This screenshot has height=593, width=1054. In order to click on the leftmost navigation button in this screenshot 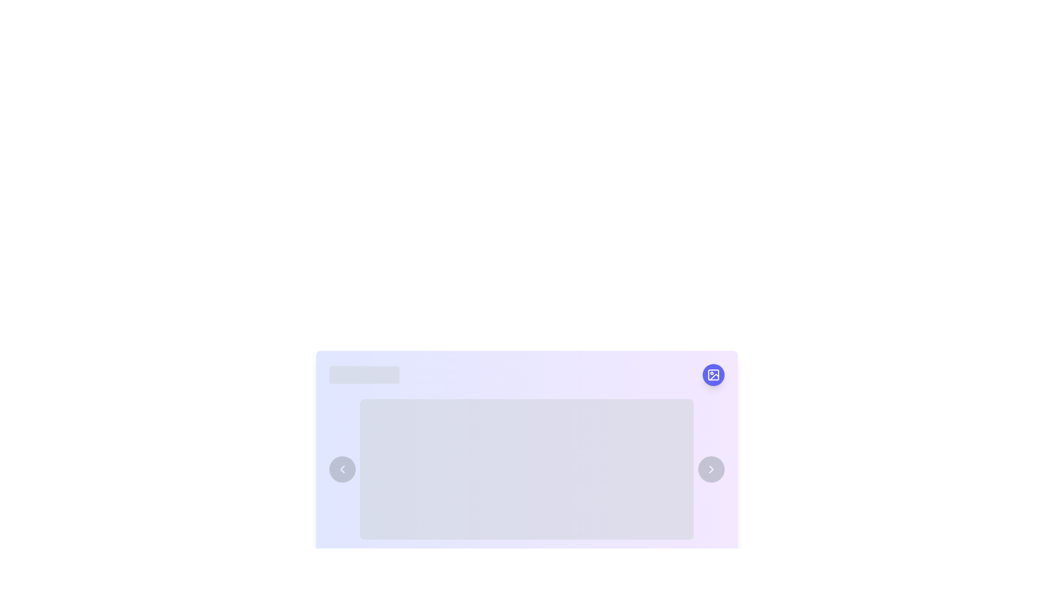, I will do `click(341, 469)`.